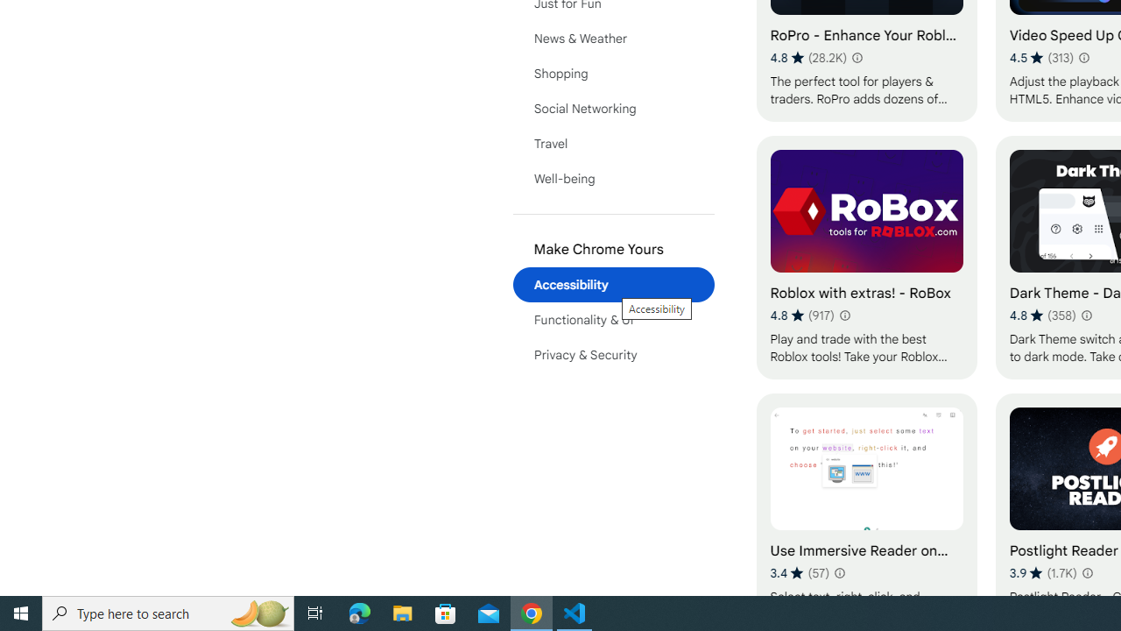 The image size is (1121, 631). I want to click on 'Average rating 4.8 out of 5 stars. 28.2K ratings.', so click(807, 57).